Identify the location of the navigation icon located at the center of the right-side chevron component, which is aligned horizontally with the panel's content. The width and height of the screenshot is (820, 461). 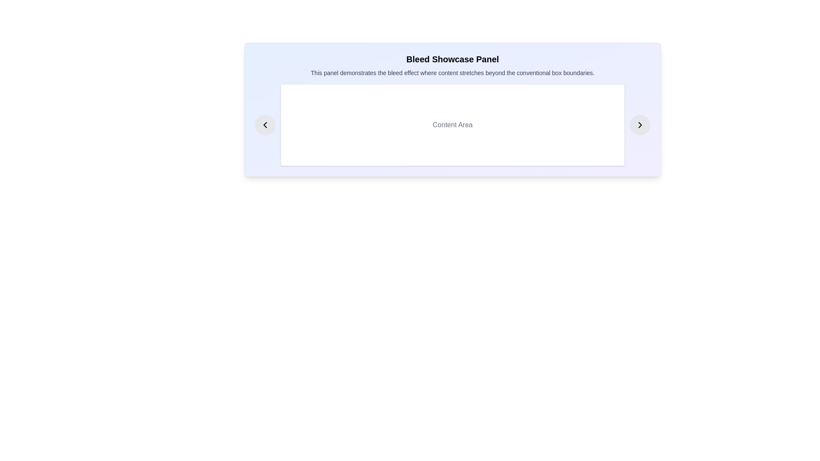
(640, 125).